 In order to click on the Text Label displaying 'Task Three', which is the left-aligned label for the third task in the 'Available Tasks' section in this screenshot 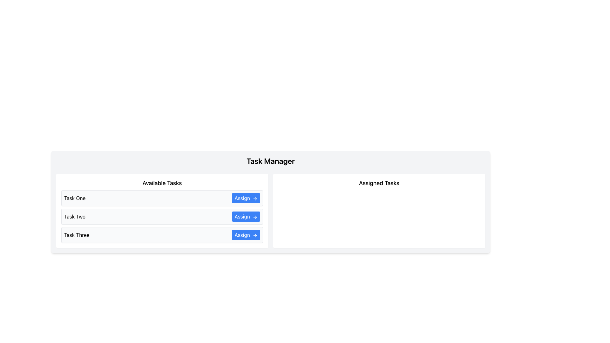, I will do `click(76, 235)`.